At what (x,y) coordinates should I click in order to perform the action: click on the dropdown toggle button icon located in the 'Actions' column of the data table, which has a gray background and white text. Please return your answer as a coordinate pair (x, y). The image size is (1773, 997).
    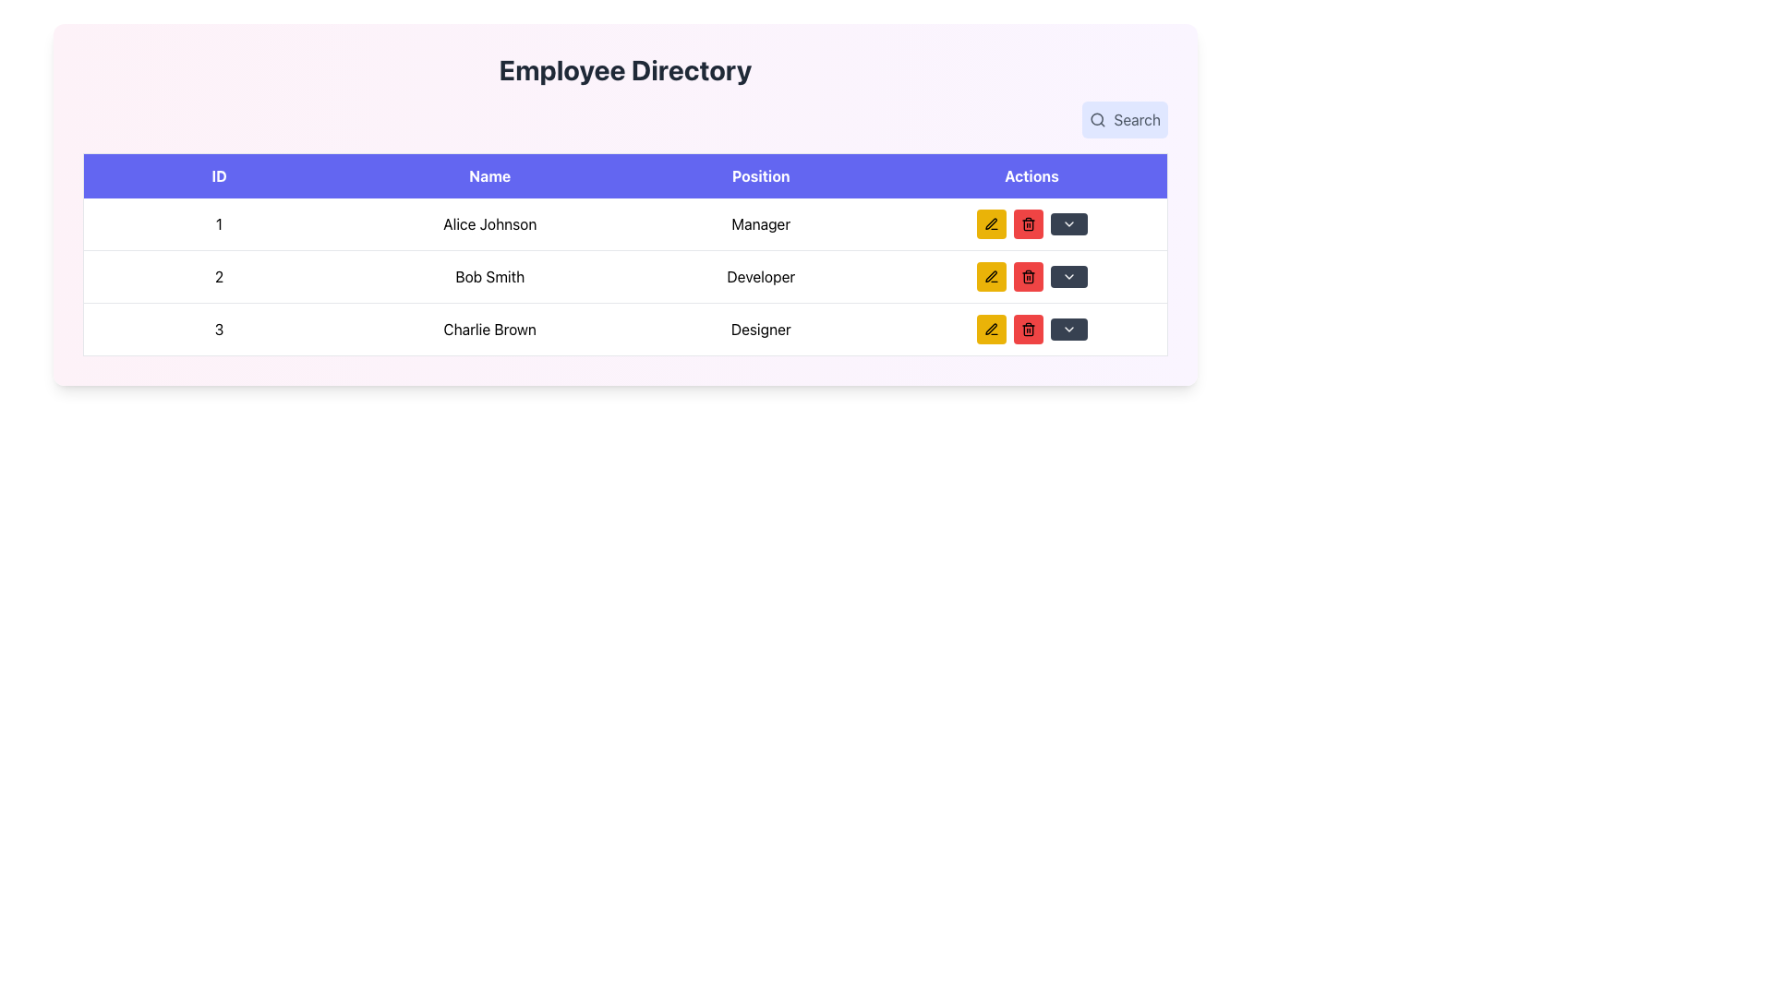
    Looking at the image, I should click on (1068, 329).